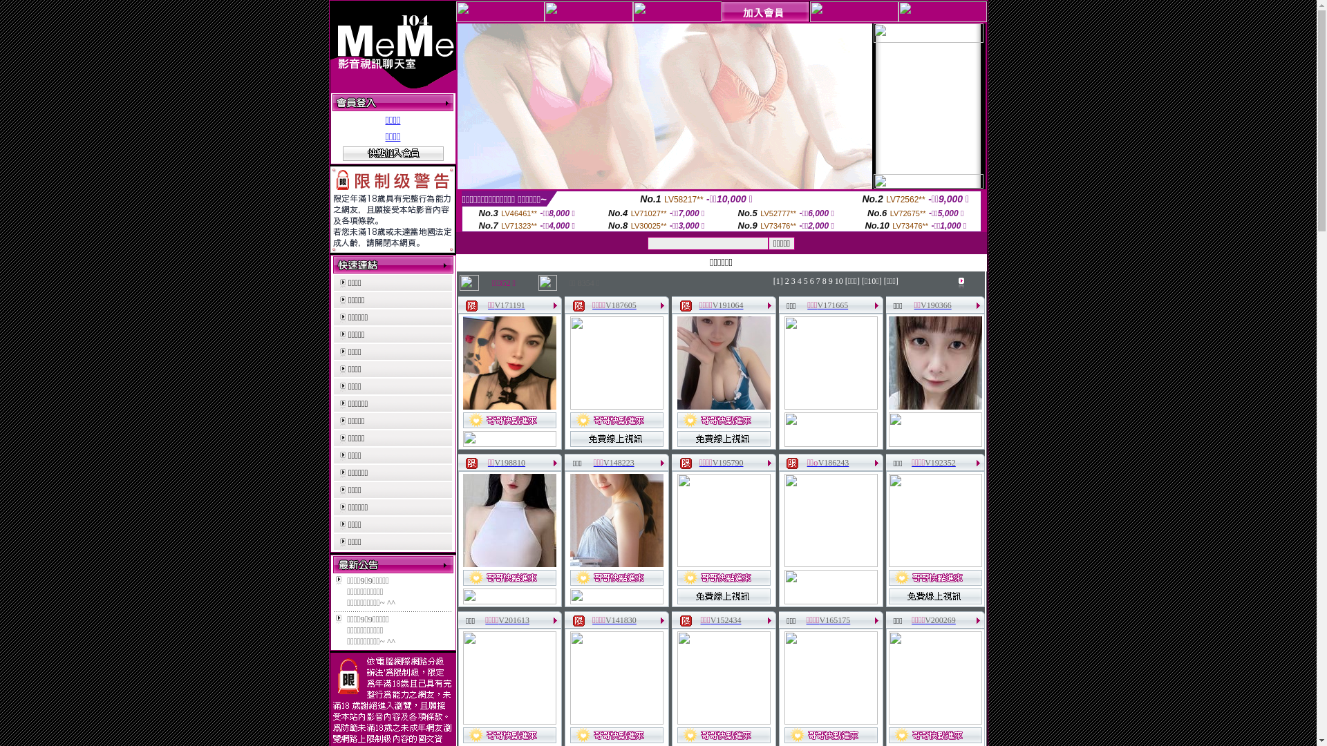 The width and height of the screenshot is (1327, 746). What do you see at coordinates (727, 305) in the screenshot?
I see `'V191064'` at bounding box center [727, 305].